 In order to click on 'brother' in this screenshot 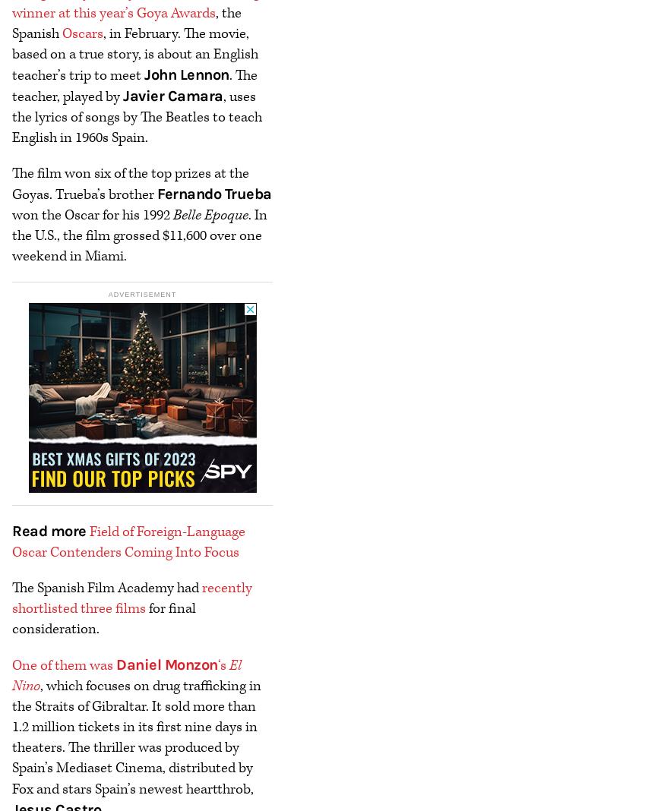, I will do `click(104, 194)`.